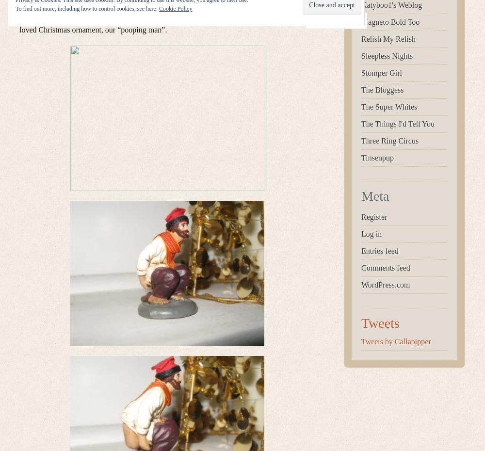  Describe the element at coordinates (374, 217) in the screenshot. I see `'Register'` at that location.